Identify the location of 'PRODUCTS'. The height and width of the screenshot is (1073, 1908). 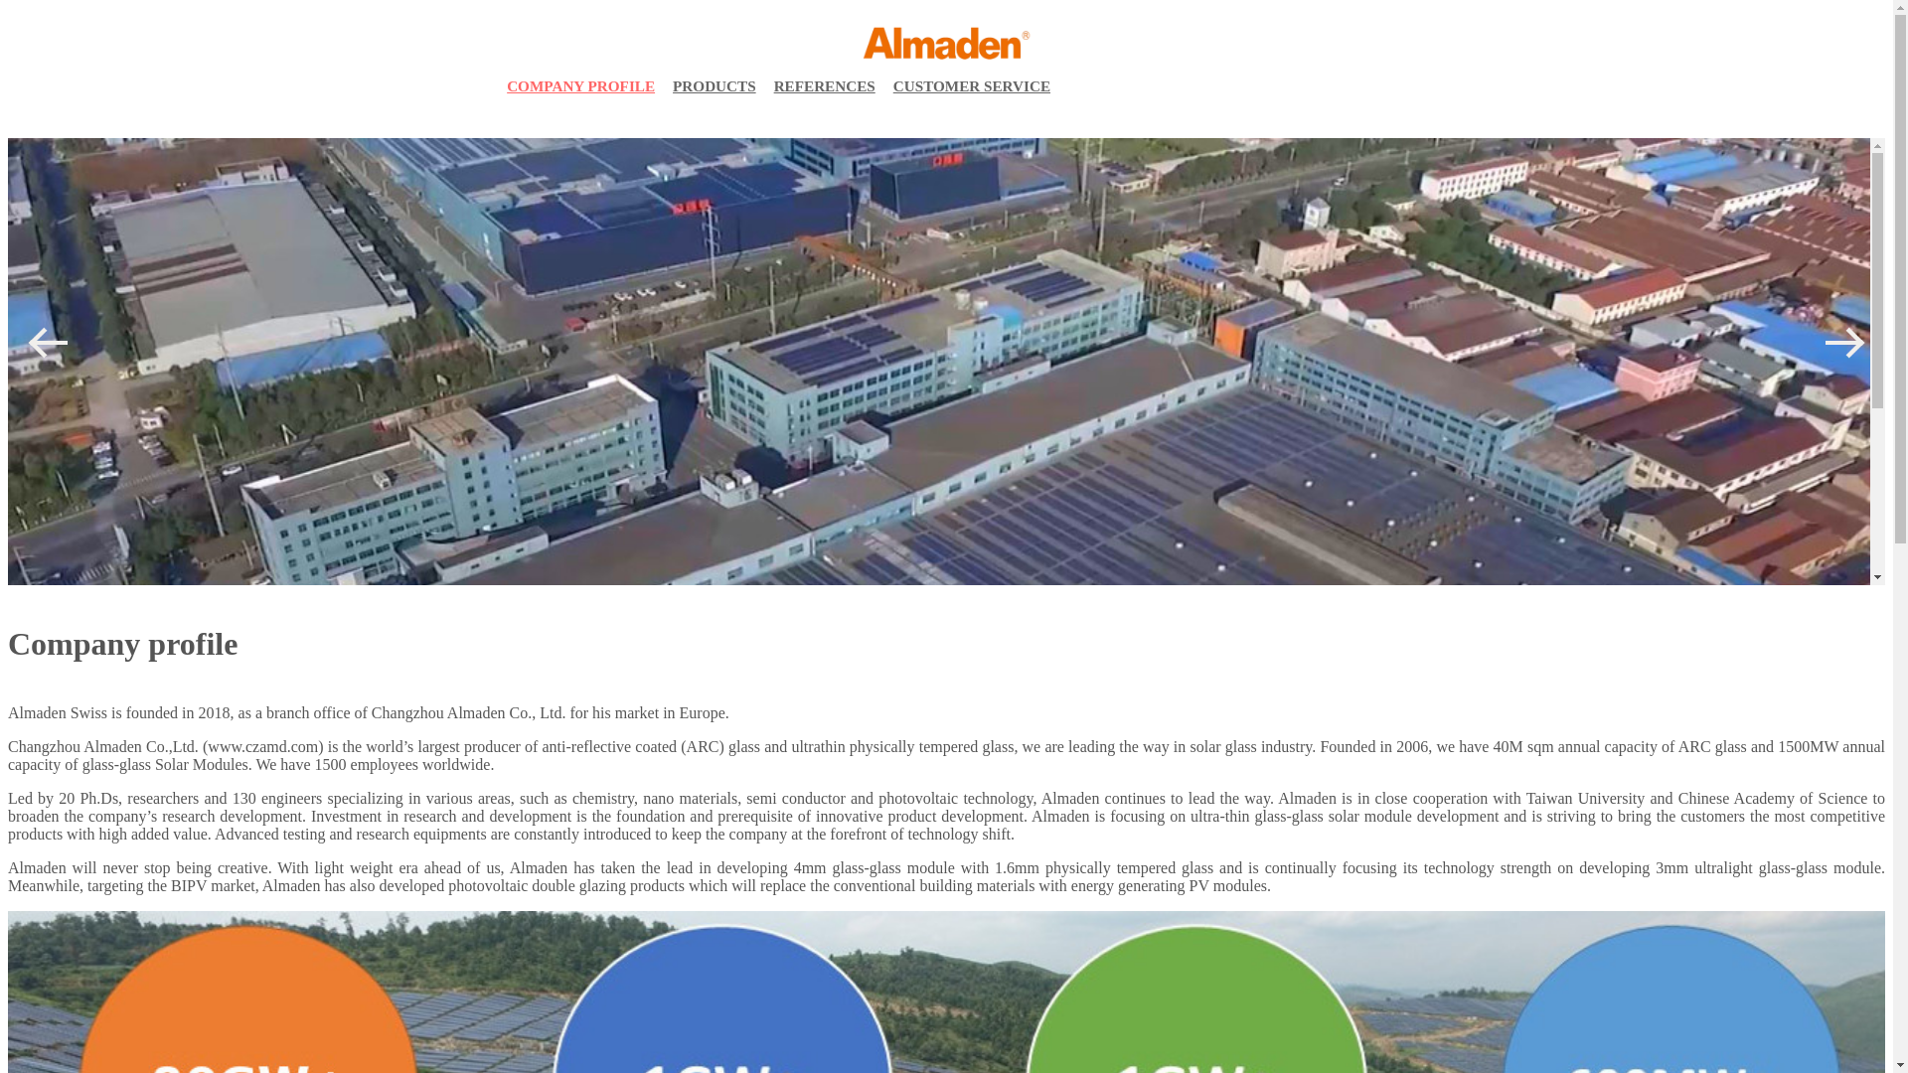
(715, 85).